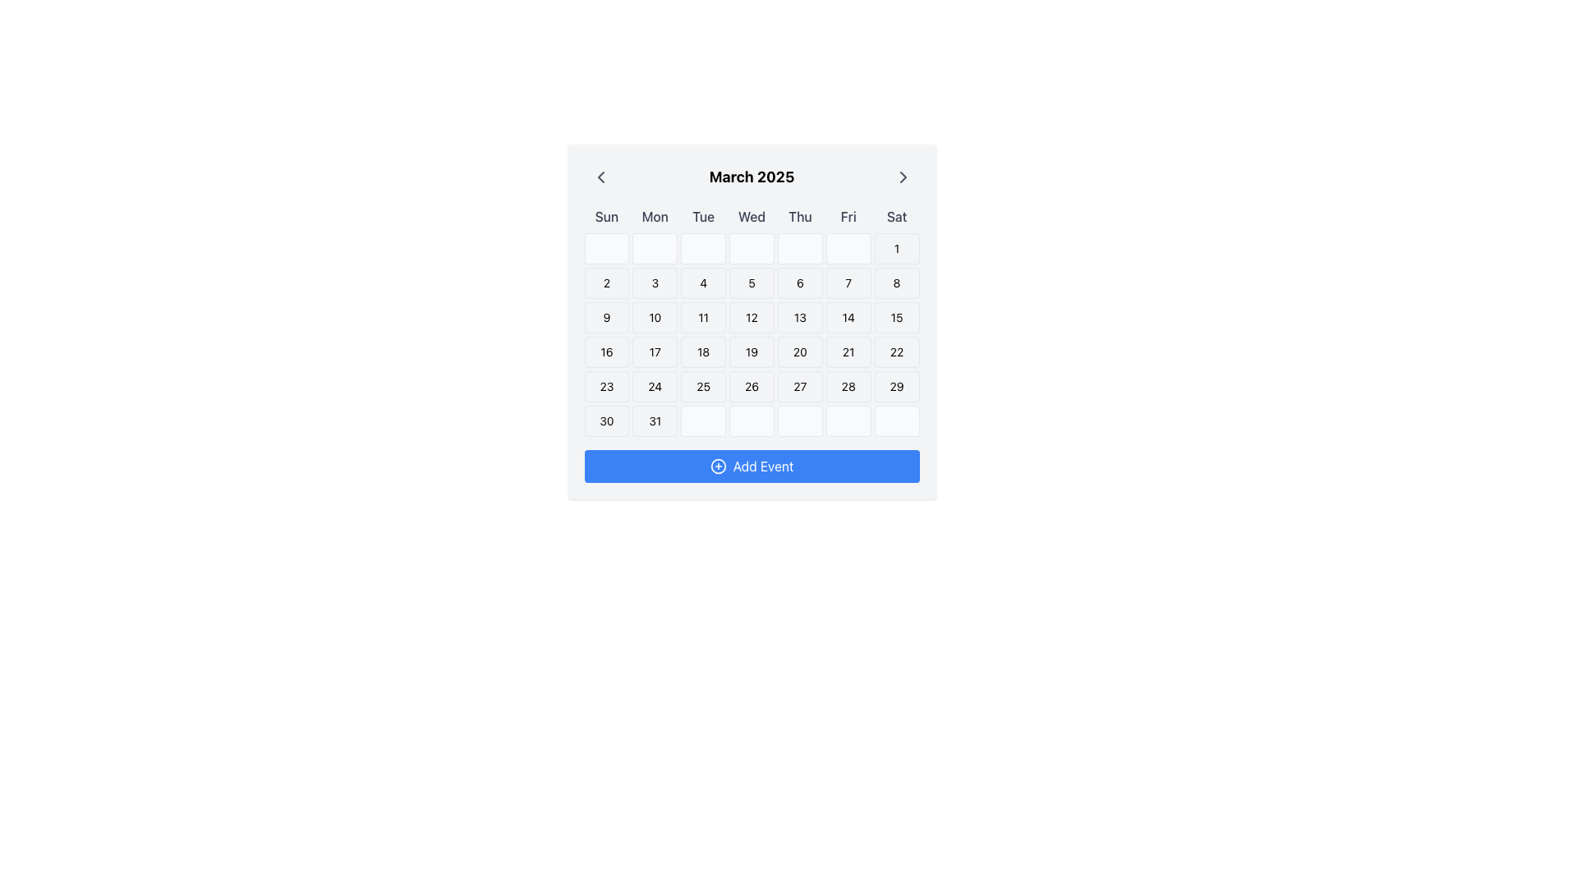  Describe the element at coordinates (751, 334) in the screenshot. I see `a specific day in the calendar grid for March 2025` at that location.